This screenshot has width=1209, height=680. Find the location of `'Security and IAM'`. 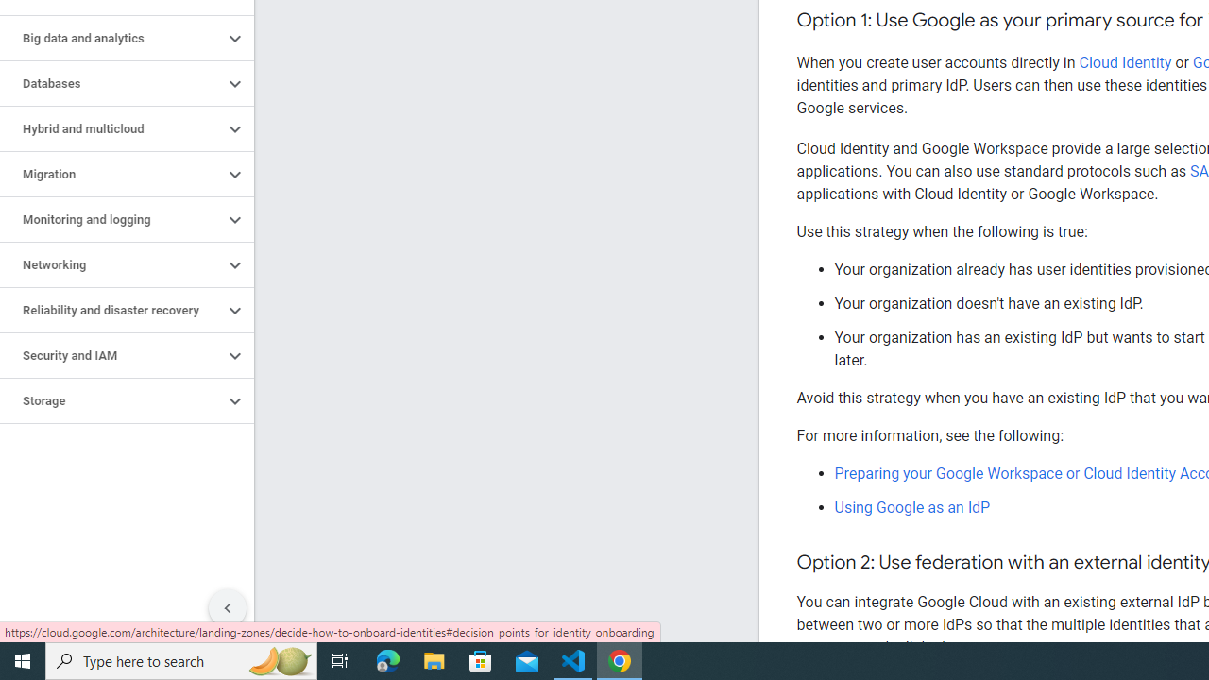

'Security and IAM' is located at coordinates (111, 355).